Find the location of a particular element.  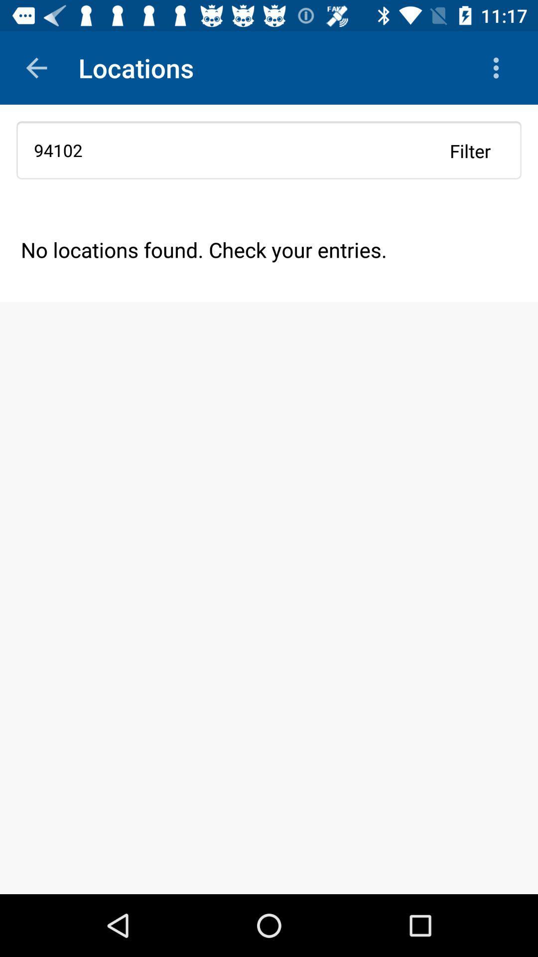

app above no locations found app is located at coordinates (470, 150).